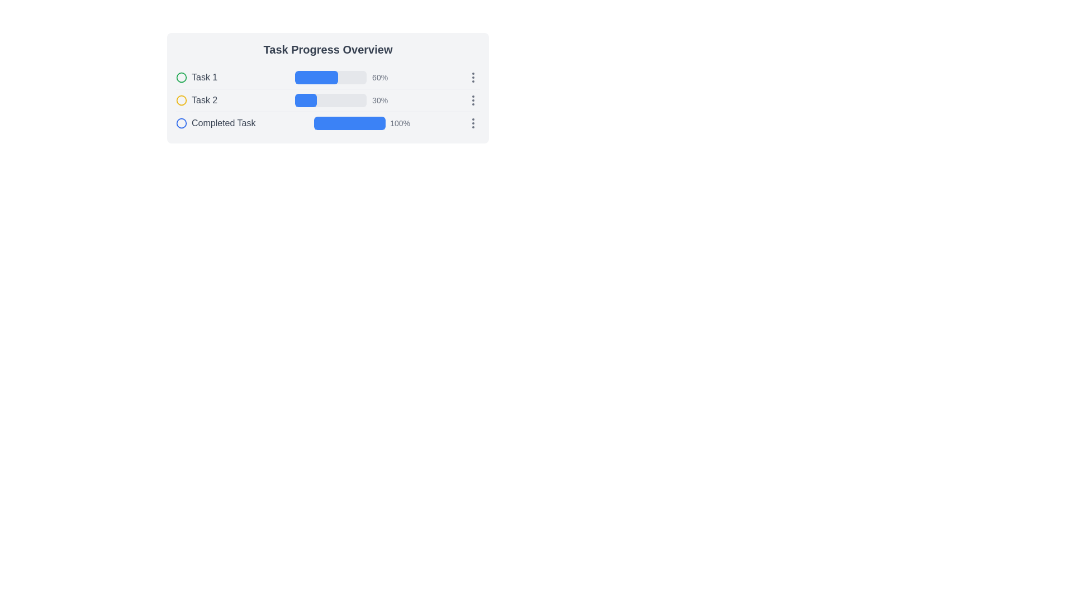  Describe the element at coordinates (349, 123) in the screenshot. I see `the progress bar styled with a blue bar and light gray background located in the 'Task Progress Overview' section, specifically in the 'Completed Task' row` at that location.